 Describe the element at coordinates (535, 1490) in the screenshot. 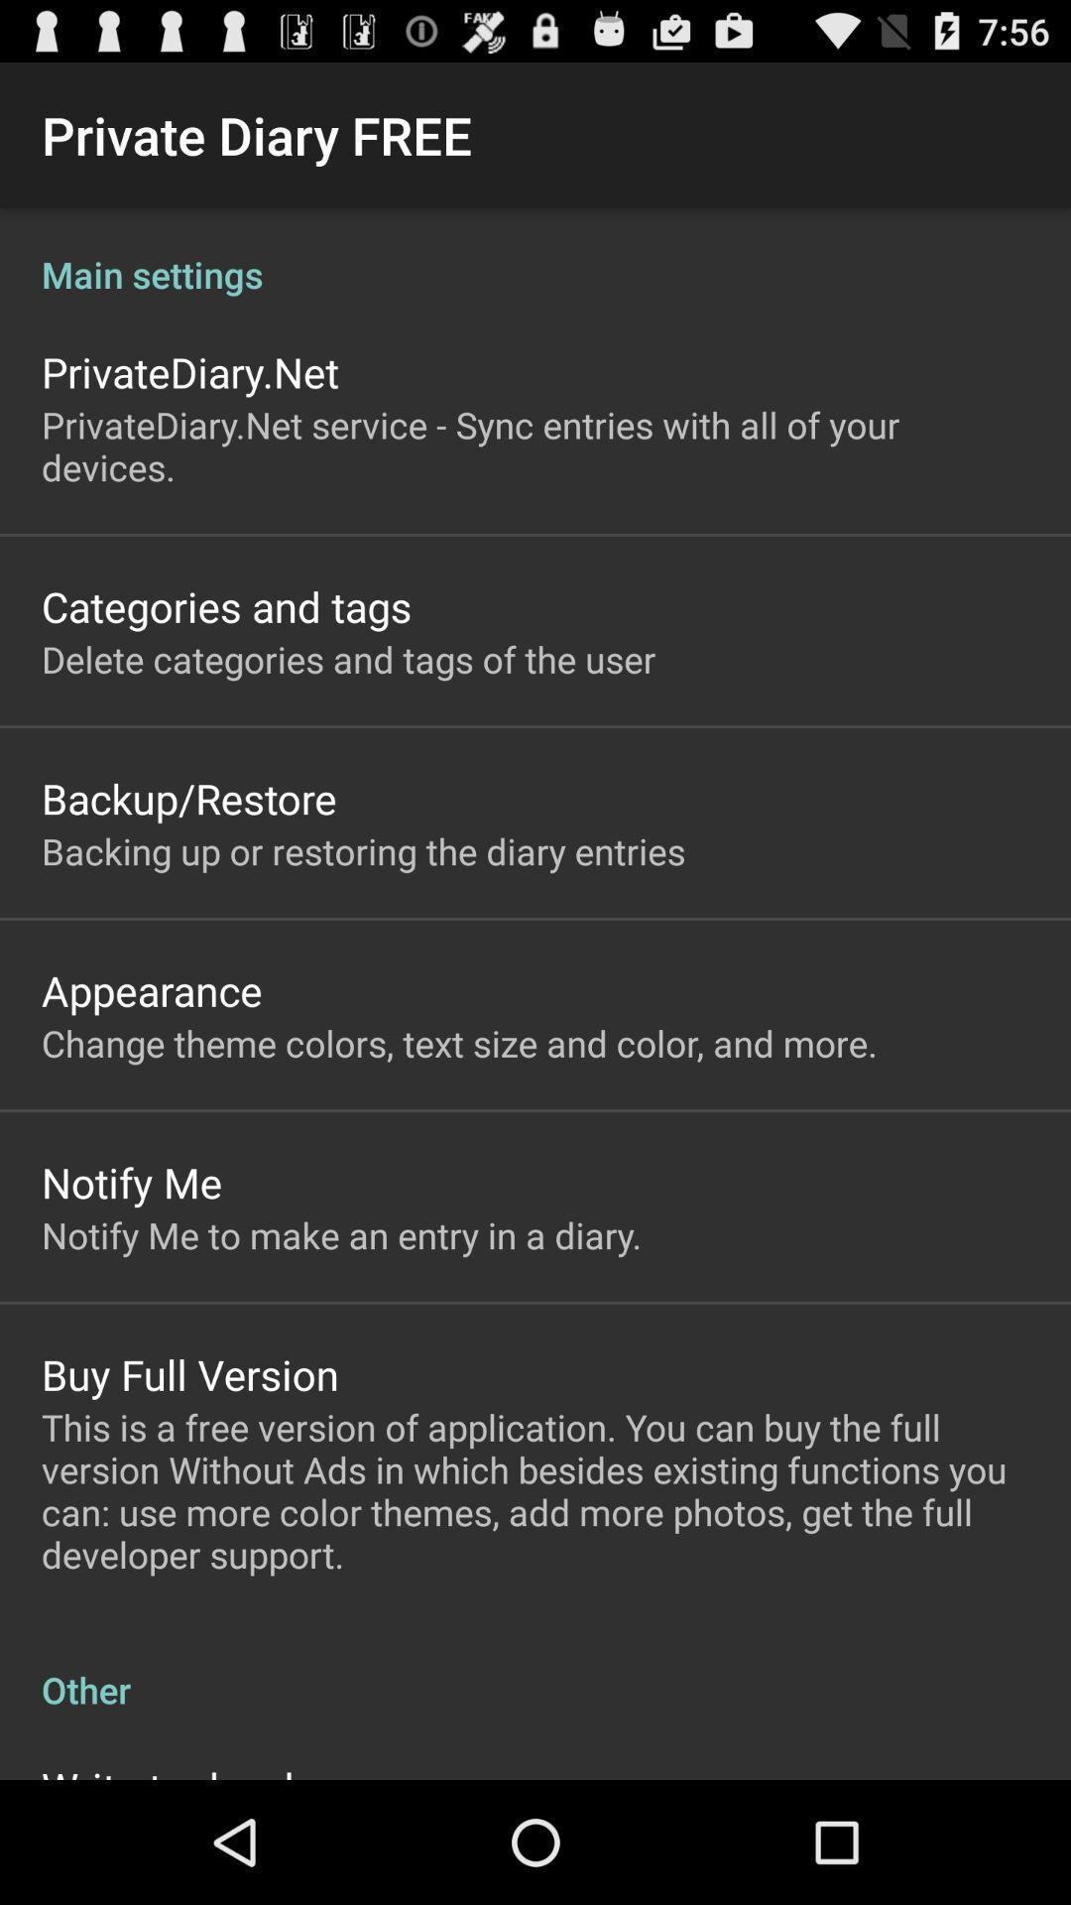

I see `the this is a` at that location.